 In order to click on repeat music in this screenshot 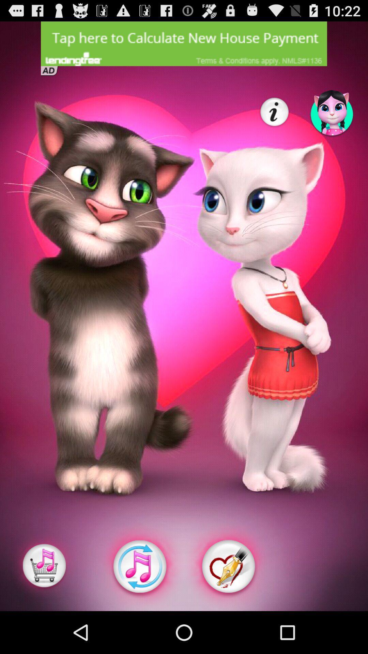, I will do `click(139, 566)`.